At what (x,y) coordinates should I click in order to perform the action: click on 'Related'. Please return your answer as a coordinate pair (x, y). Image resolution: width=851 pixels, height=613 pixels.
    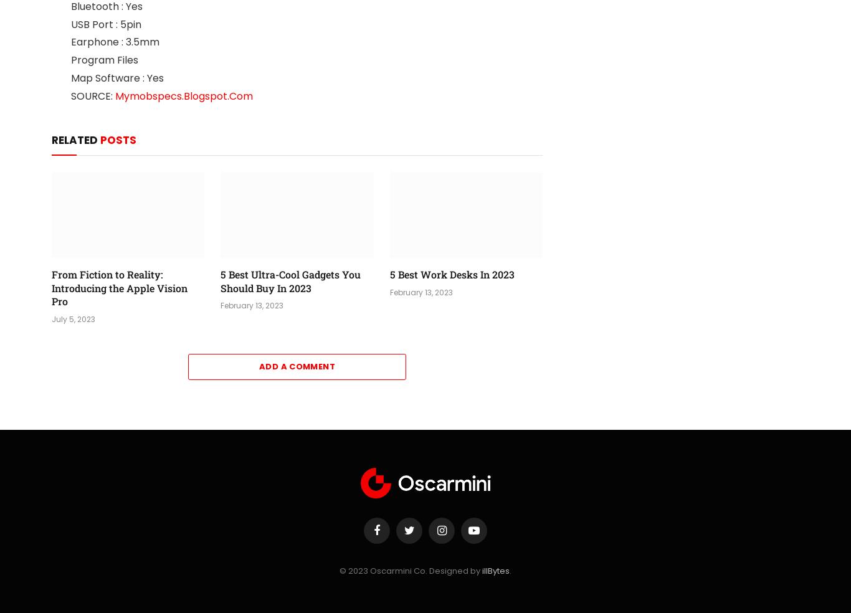
    Looking at the image, I should click on (75, 140).